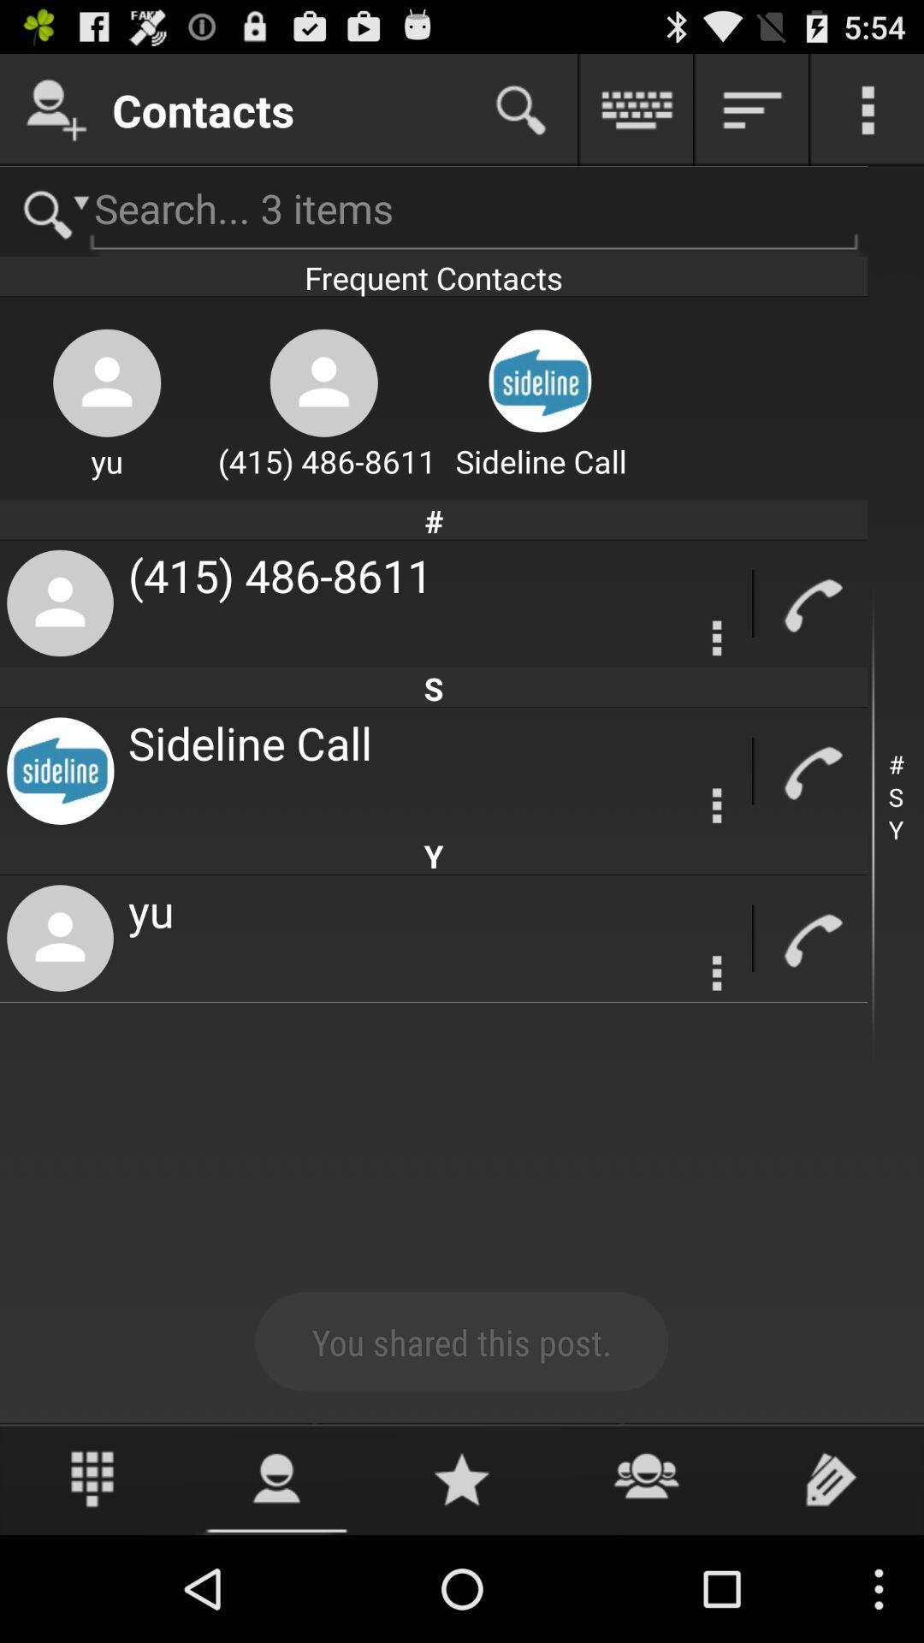 Image resolution: width=924 pixels, height=1643 pixels. Describe the element at coordinates (432, 211) in the screenshot. I see `search term` at that location.